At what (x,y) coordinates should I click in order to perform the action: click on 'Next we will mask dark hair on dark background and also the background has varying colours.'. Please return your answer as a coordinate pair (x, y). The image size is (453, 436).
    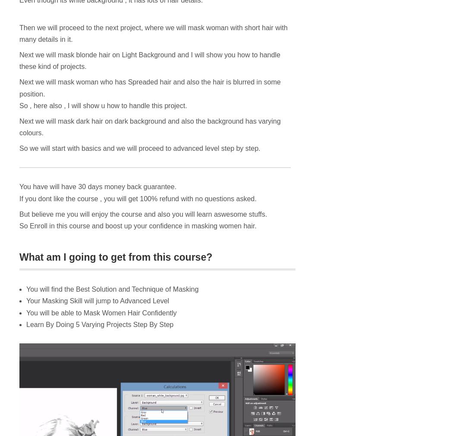
    Looking at the image, I should click on (149, 126).